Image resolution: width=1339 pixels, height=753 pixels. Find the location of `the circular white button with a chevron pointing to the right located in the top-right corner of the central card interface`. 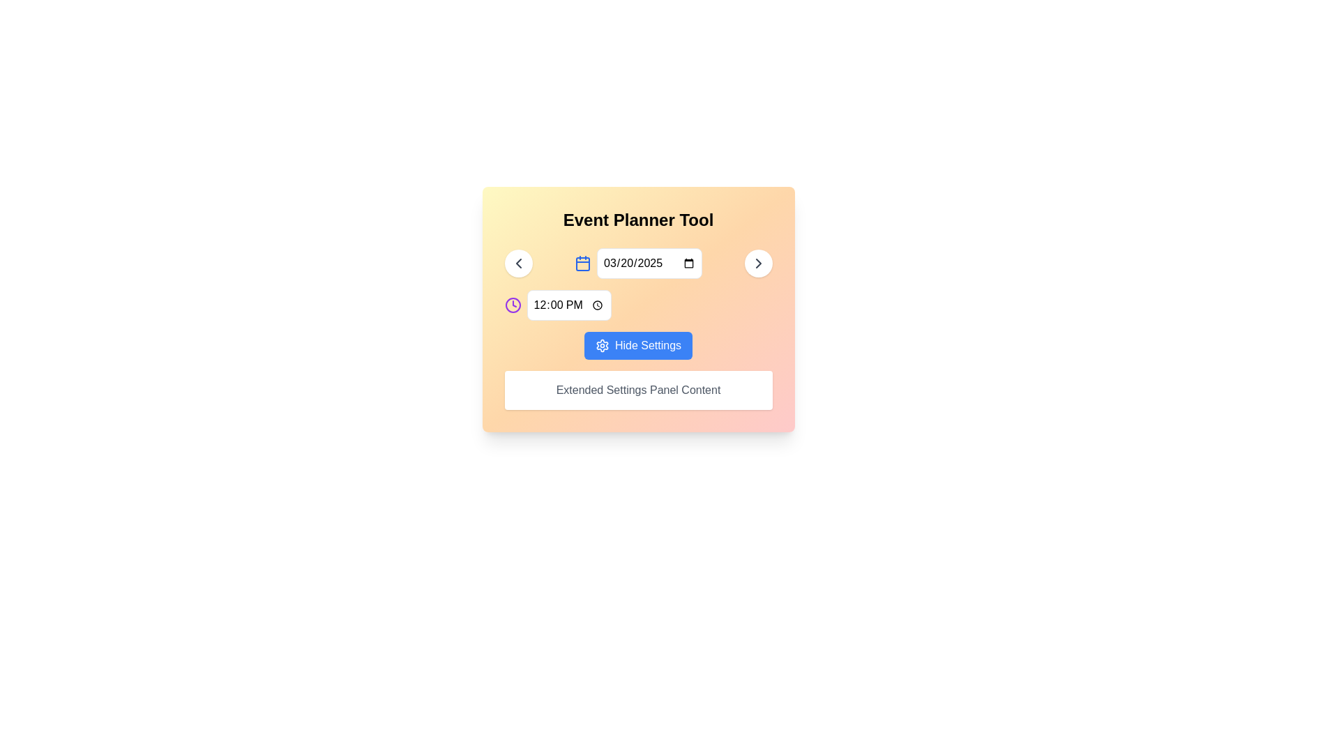

the circular white button with a chevron pointing to the right located in the top-right corner of the central card interface is located at coordinates (757, 264).